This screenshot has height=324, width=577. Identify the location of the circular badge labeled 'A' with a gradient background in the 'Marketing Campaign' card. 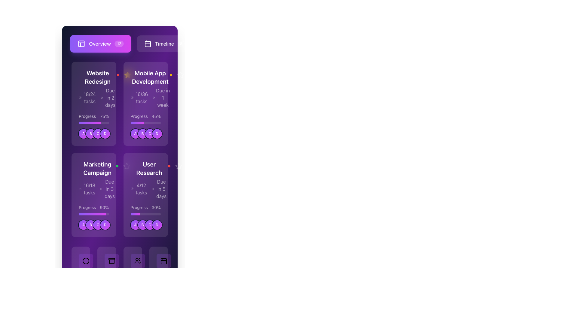
(83, 225).